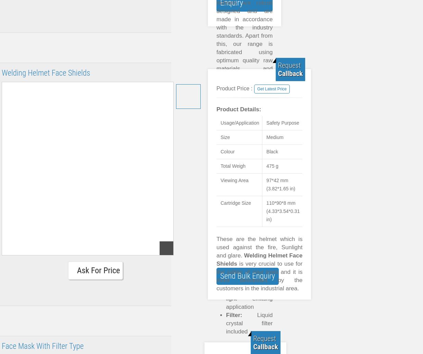  What do you see at coordinates (259, 276) in the screenshot?
I see `'is very crucial to use for the safety of your eyes and it is more demanded by the customers in the industrial area.'` at bounding box center [259, 276].